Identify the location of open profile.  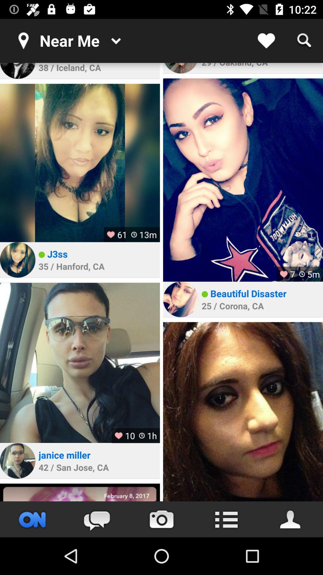
(290, 519).